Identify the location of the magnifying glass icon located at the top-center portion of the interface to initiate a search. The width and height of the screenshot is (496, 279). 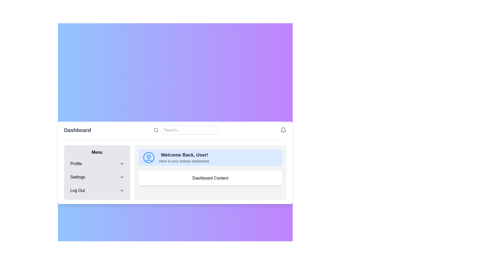
(156, 130).